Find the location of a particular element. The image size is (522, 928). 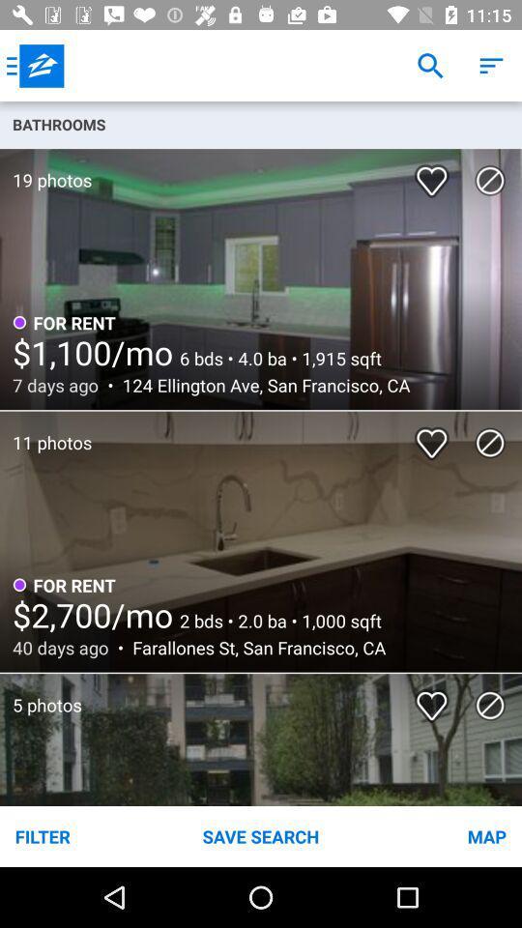

the item above the 124 ellington ave is located at coordinates (276, 357).